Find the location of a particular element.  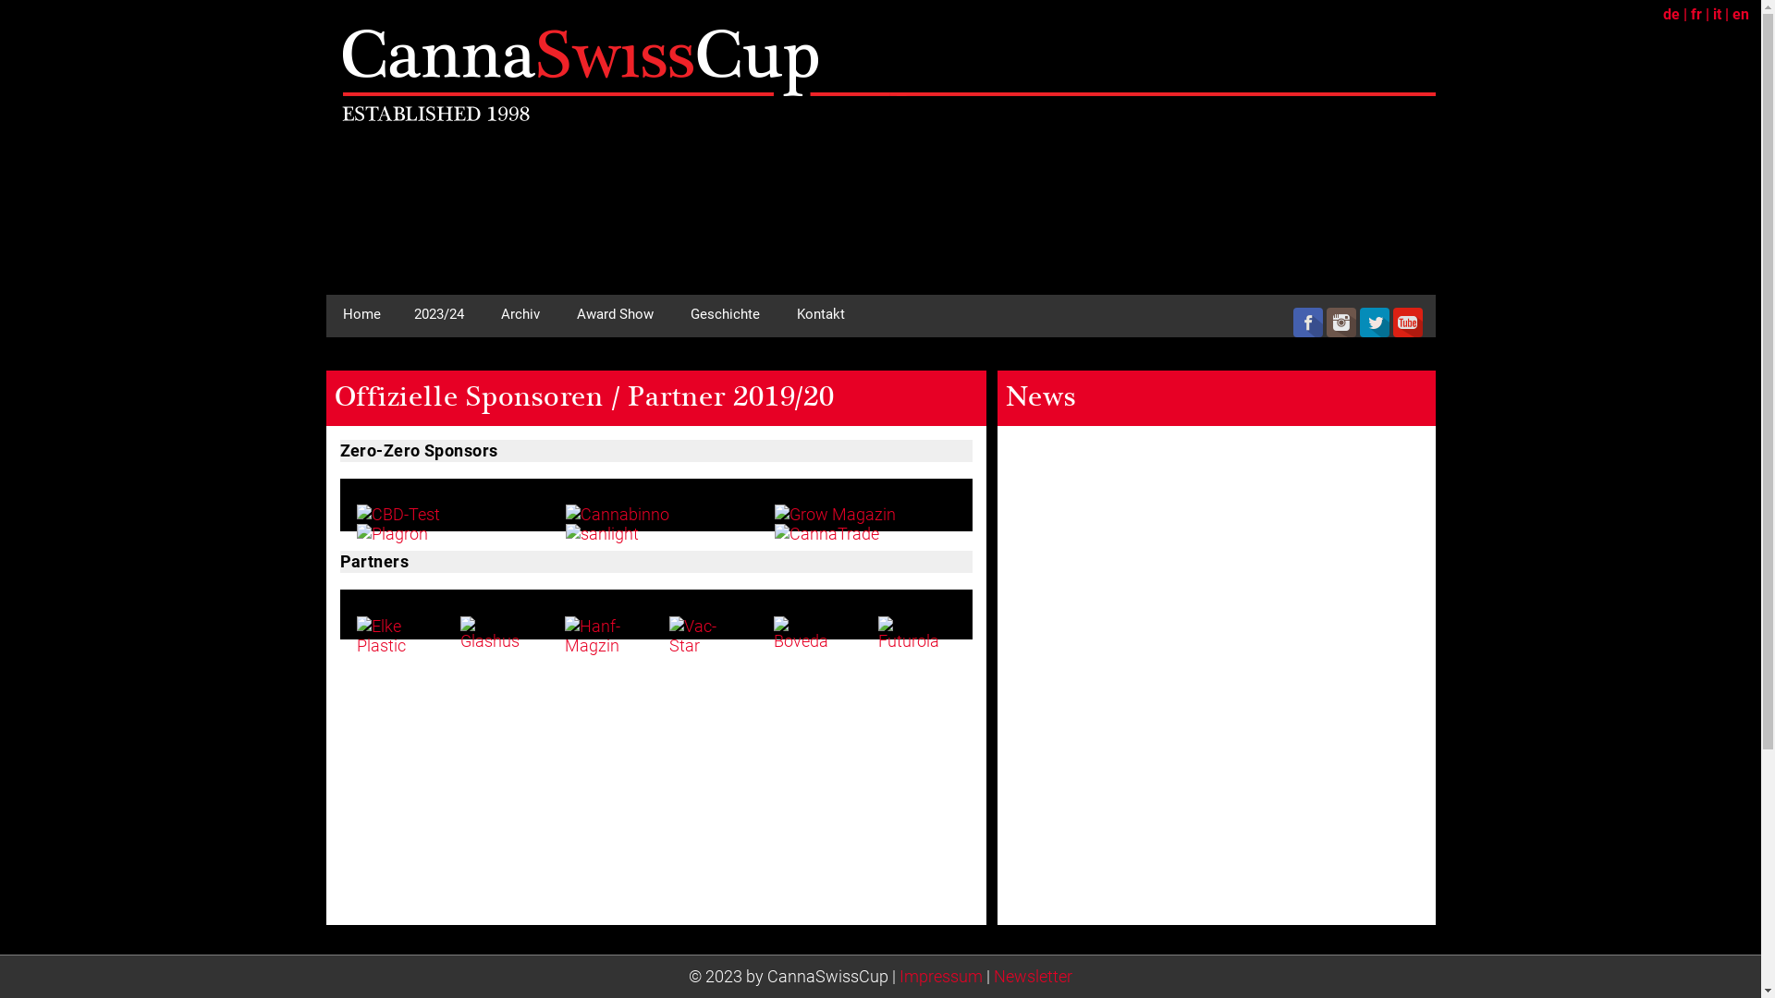

'Geschichte' is located at coordinates (723, 312).